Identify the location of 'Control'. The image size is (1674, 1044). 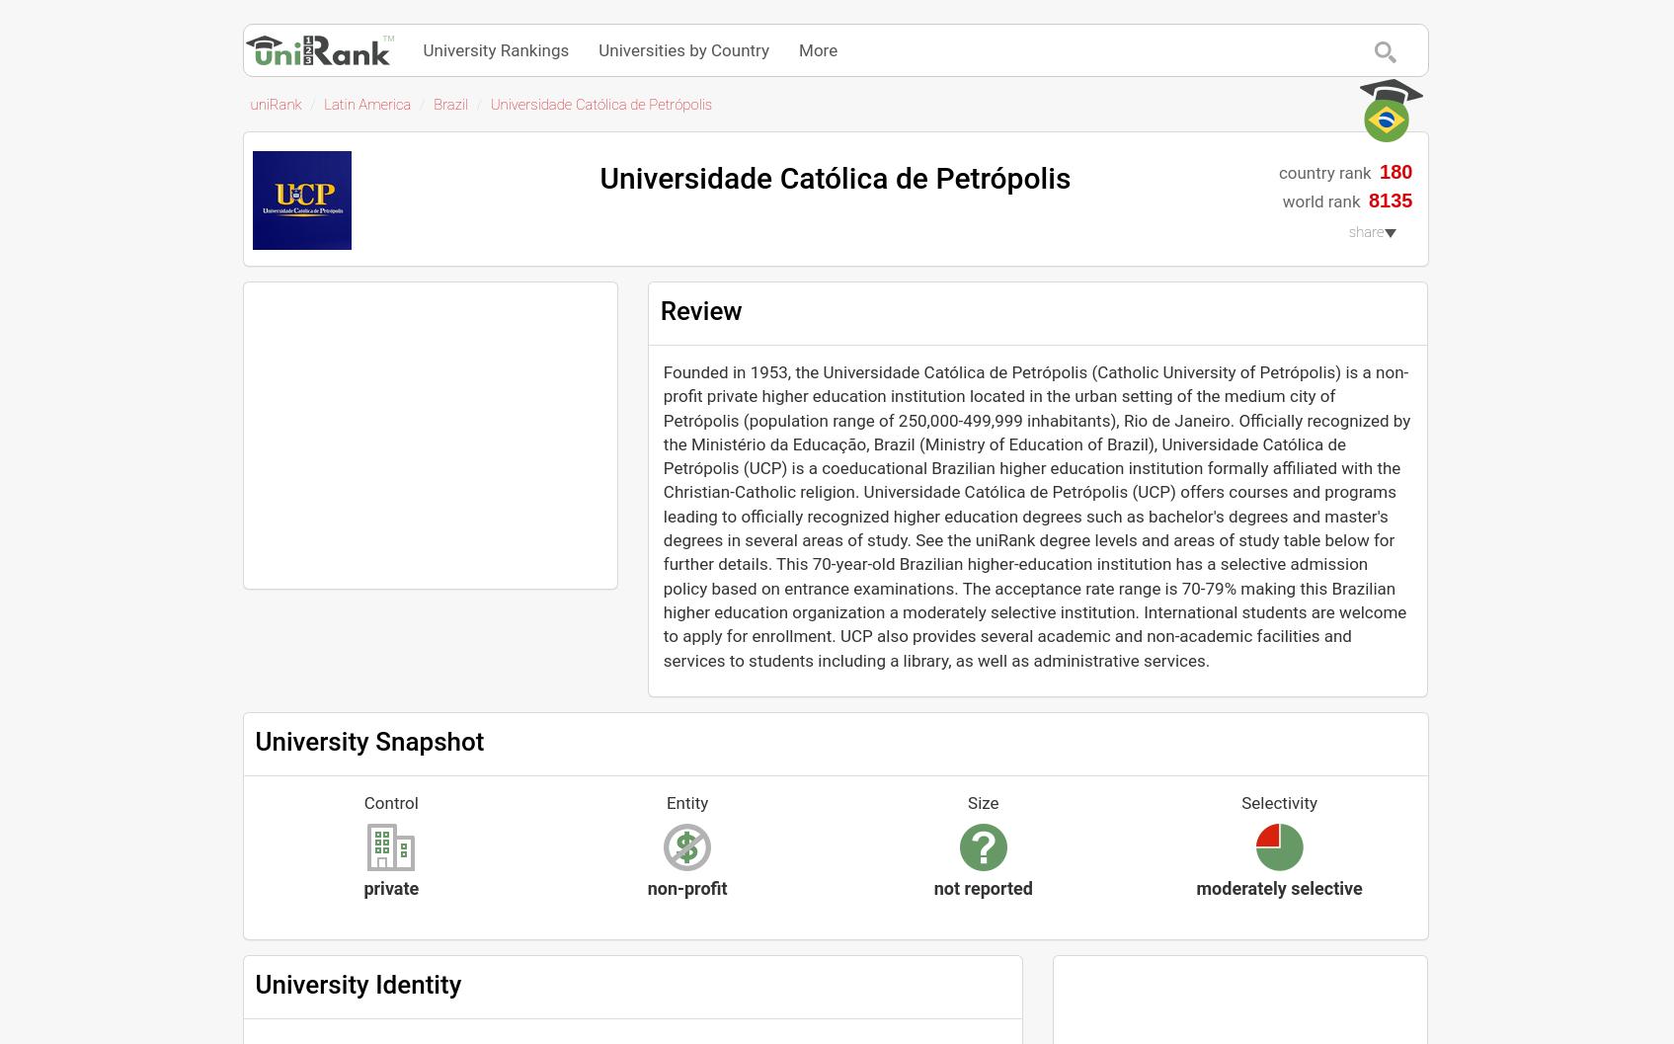
(390, 801).